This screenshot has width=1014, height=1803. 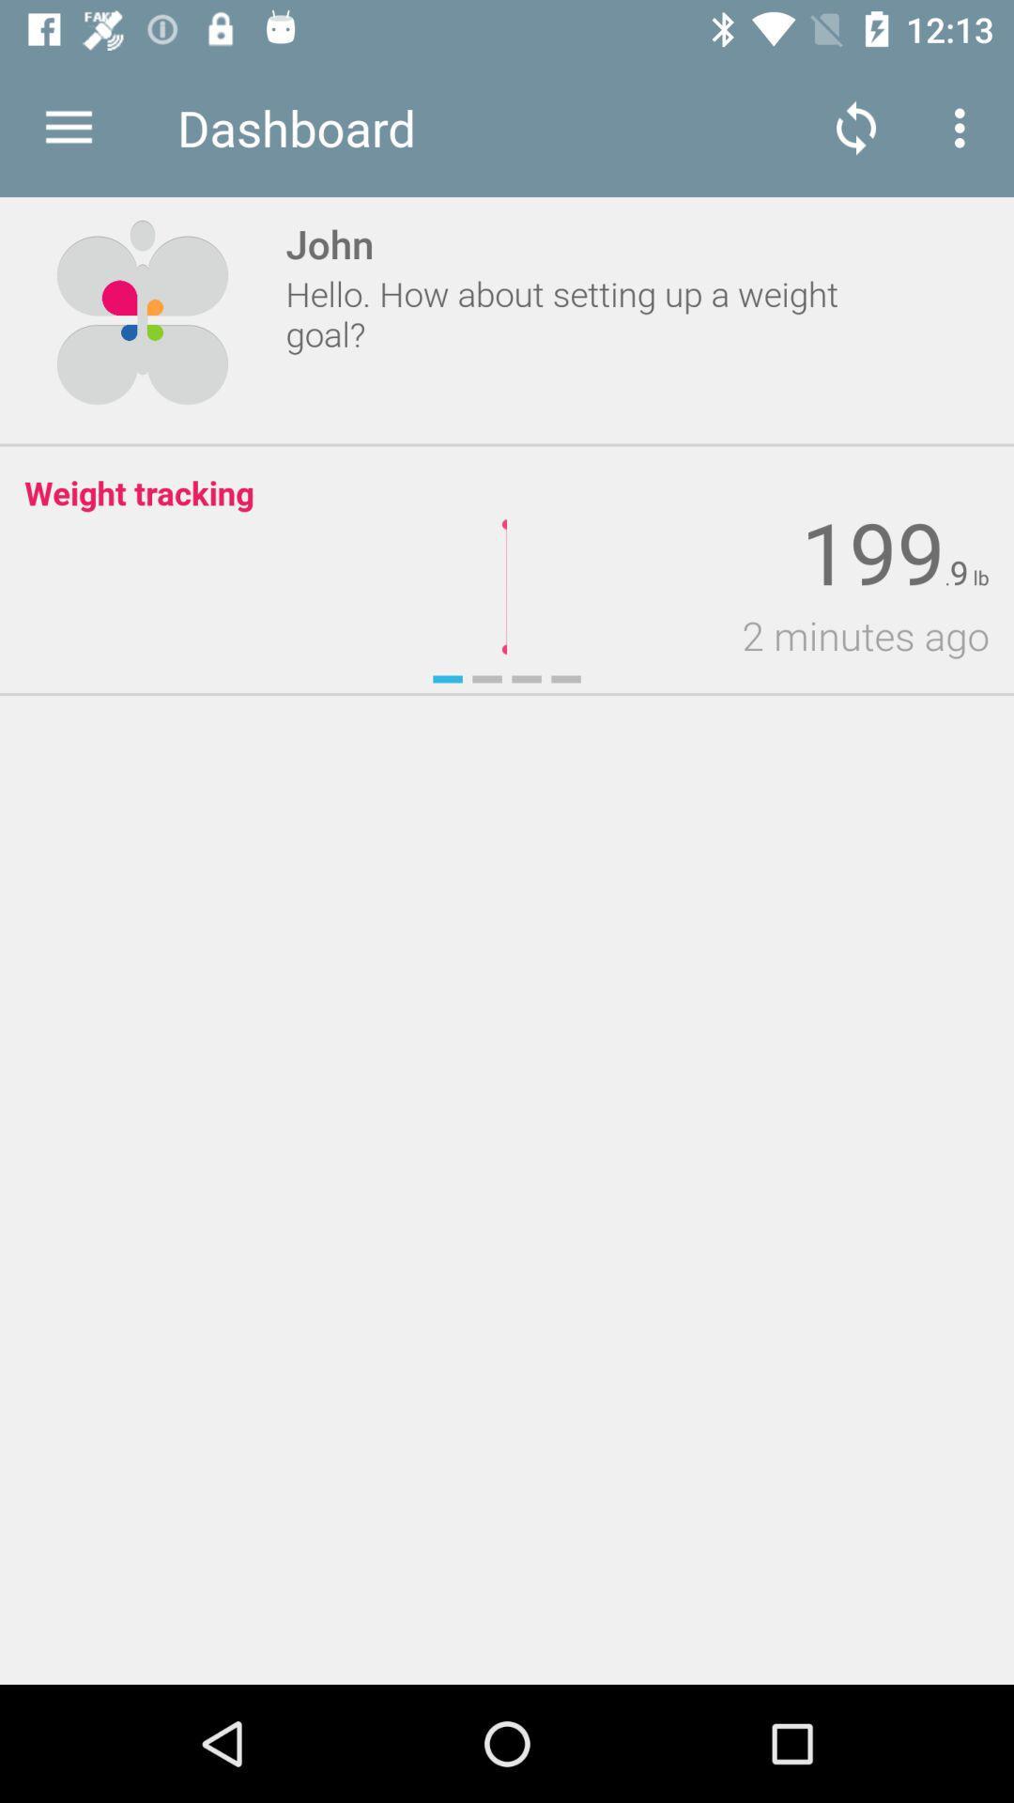 What do you see at coordinates (68, 127) in the screenshot?
I see `app next to dashboard icon` at bounding box center [68, 127].